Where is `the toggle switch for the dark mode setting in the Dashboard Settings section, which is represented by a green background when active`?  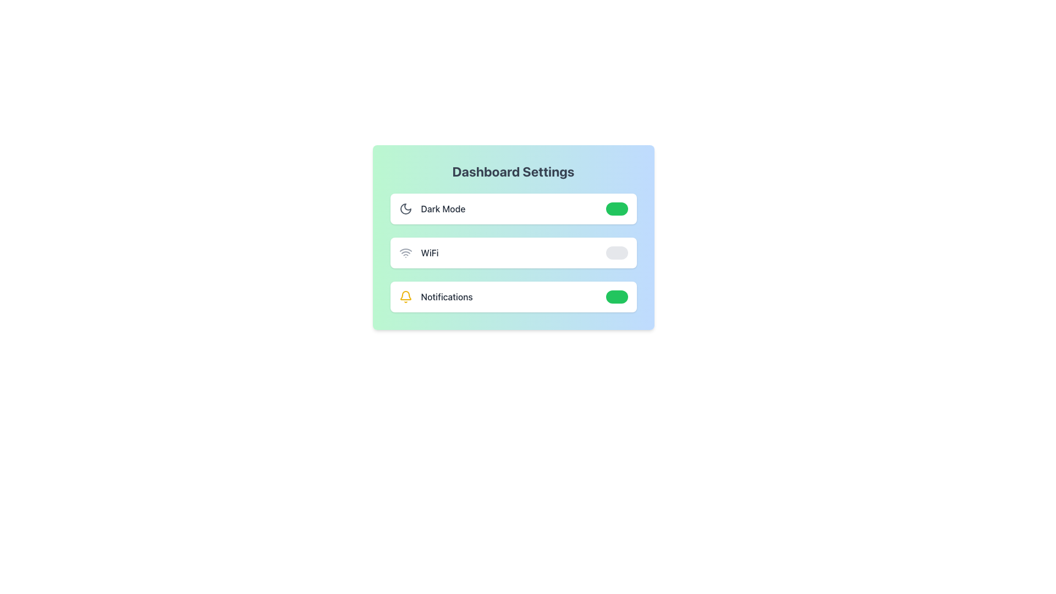 the toggle switch for the dark mode setting in the Dashboard Settings section, which is represented by a green background when active is located at coordinates (617, 209).